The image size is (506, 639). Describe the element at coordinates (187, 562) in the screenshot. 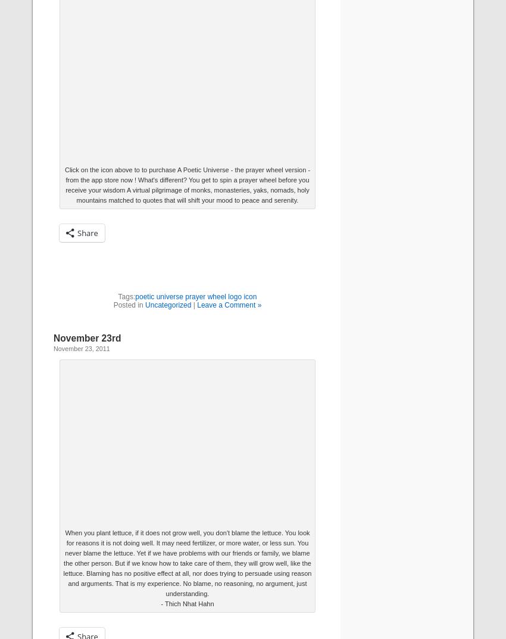

I see `'When you plant lettuce, if it does not grow well, you don't blame the lettuce. You look for reasons it is not doing well. It may need fertilizer, or more water, or less sun. You never blame the lettuce. Yet if we have problems with our friends or family, we blame the other person. But if we know how to take care of them, they will grow well, like the lettuce. Blaming has no positive effect at all, nor does trying to persuade using reason and arguments. That is my experience. No blame, no reasoning, no argument, just understanding.'` at that location.